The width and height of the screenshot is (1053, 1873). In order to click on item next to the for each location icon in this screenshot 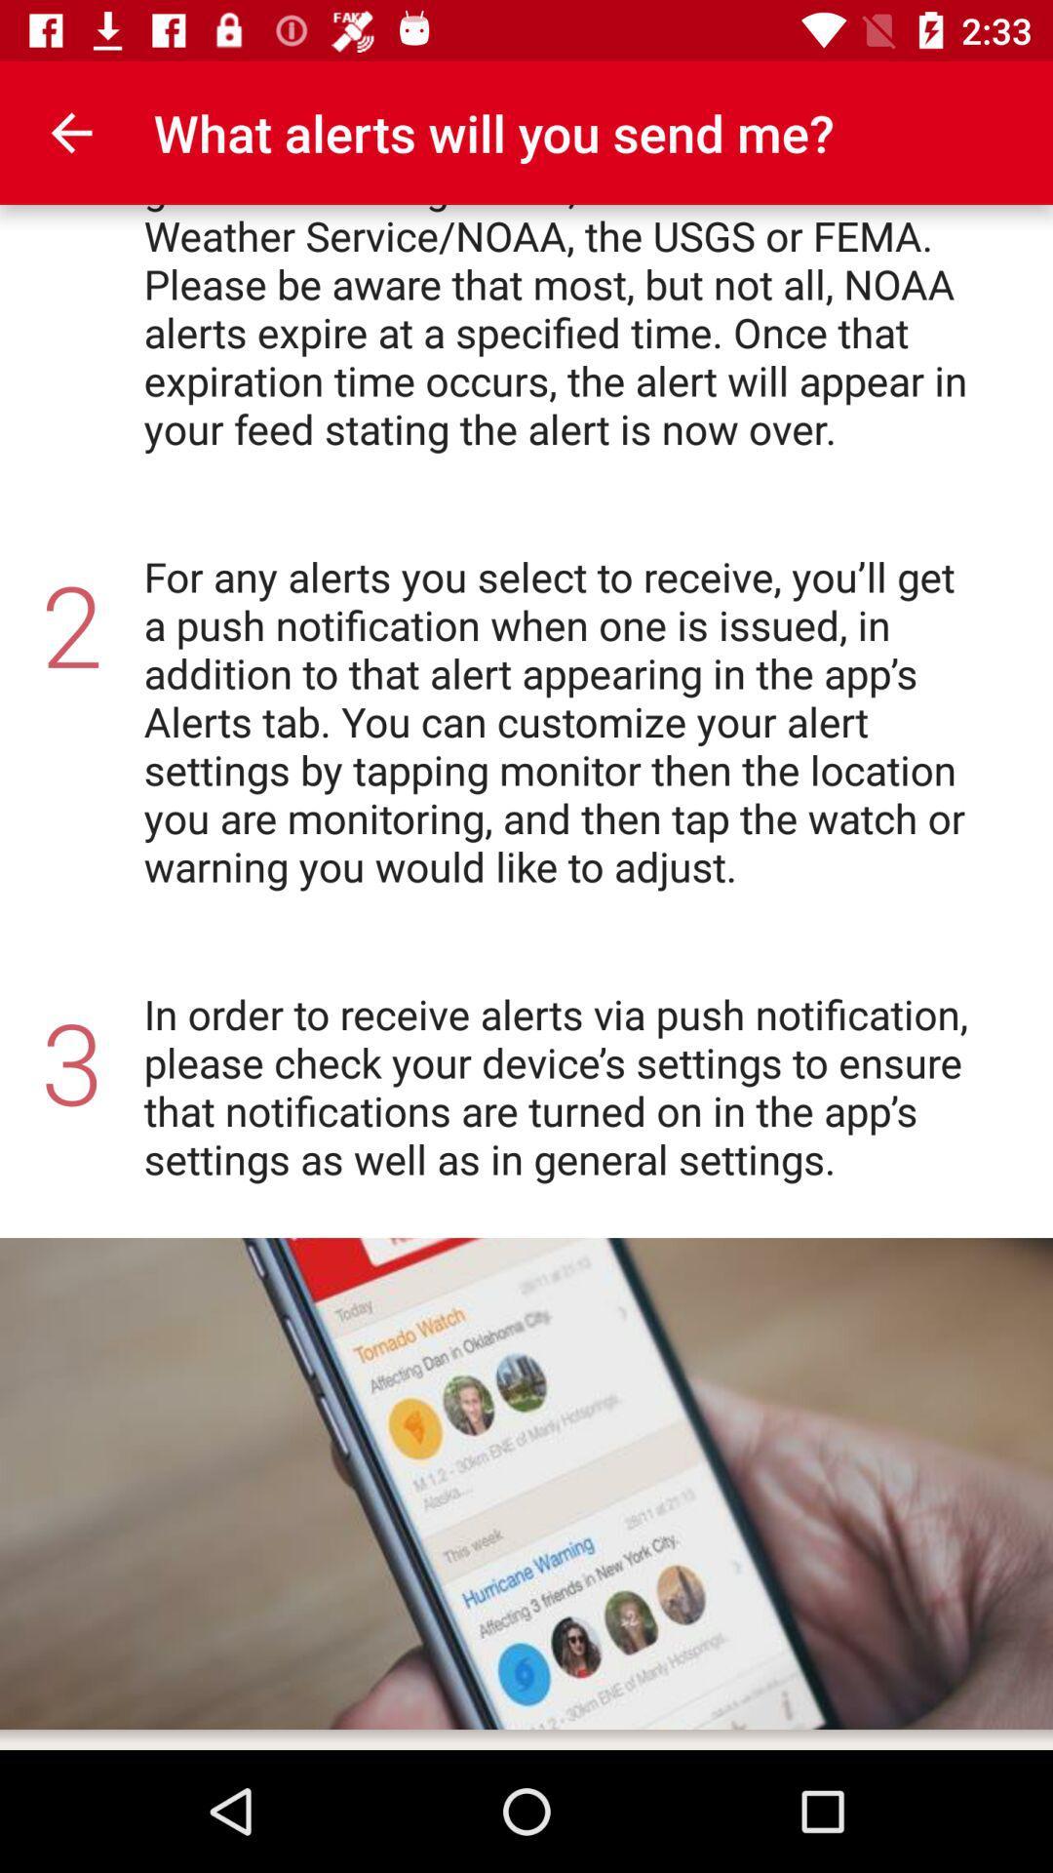, I will do `click(70, 132)`.